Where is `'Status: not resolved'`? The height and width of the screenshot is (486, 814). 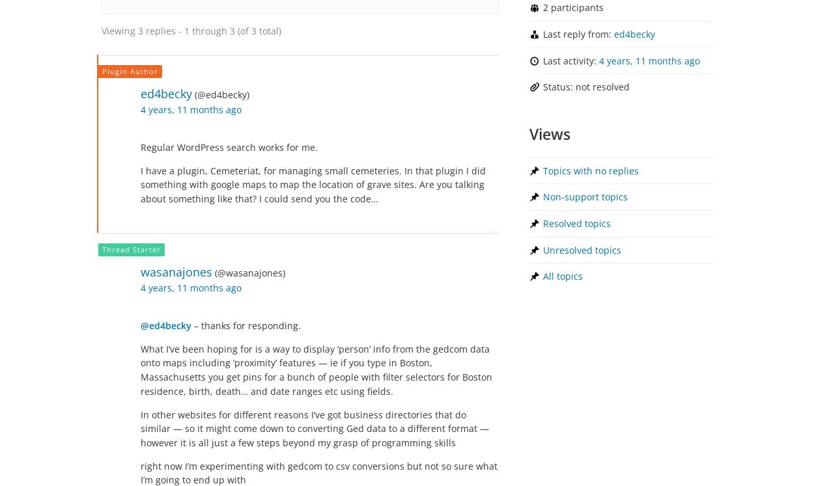
'Status: not resolved' is located at coordinates (586, 86).